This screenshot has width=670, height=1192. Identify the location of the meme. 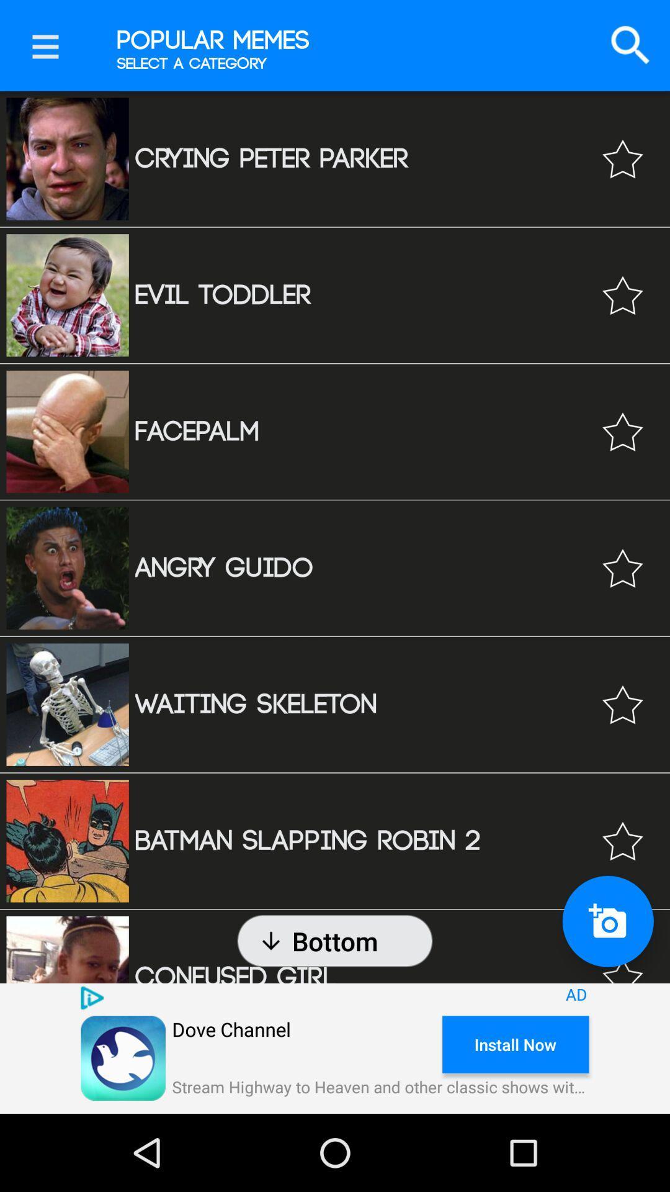
(622, 705).